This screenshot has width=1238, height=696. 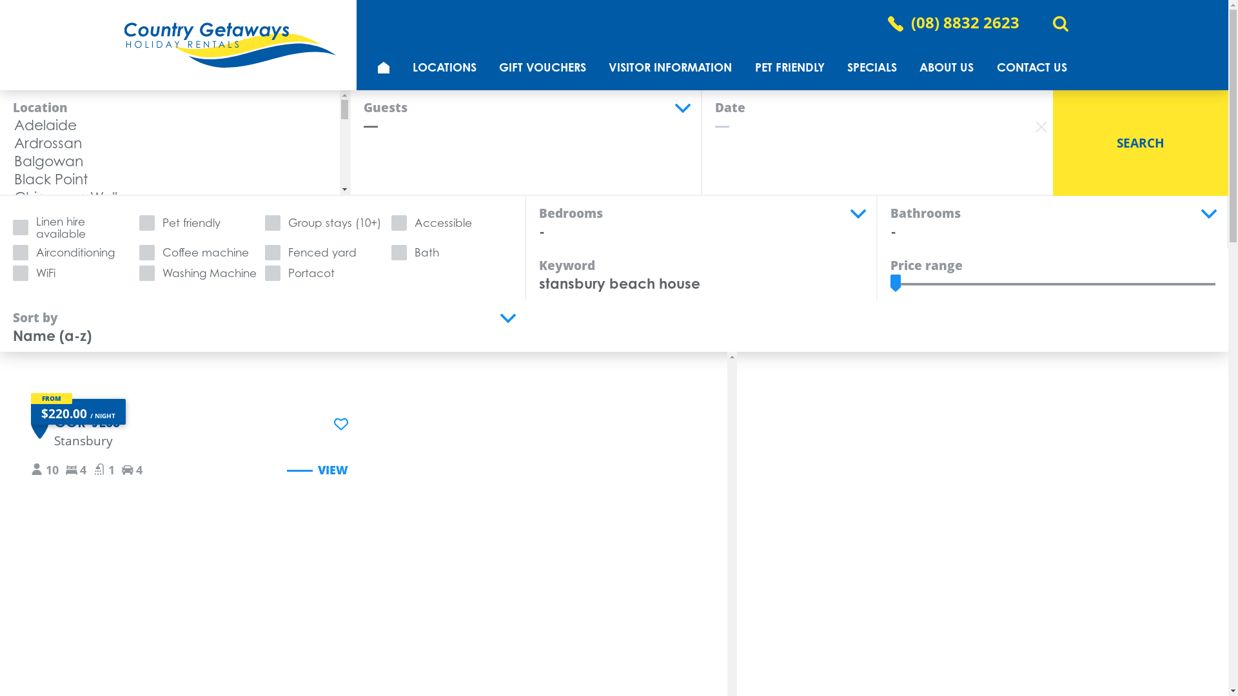 What do you see at coordinates (542, 67) in the screenshot?
I see `'GIFT VOUCHERS'` at bounding box center [542, 67].